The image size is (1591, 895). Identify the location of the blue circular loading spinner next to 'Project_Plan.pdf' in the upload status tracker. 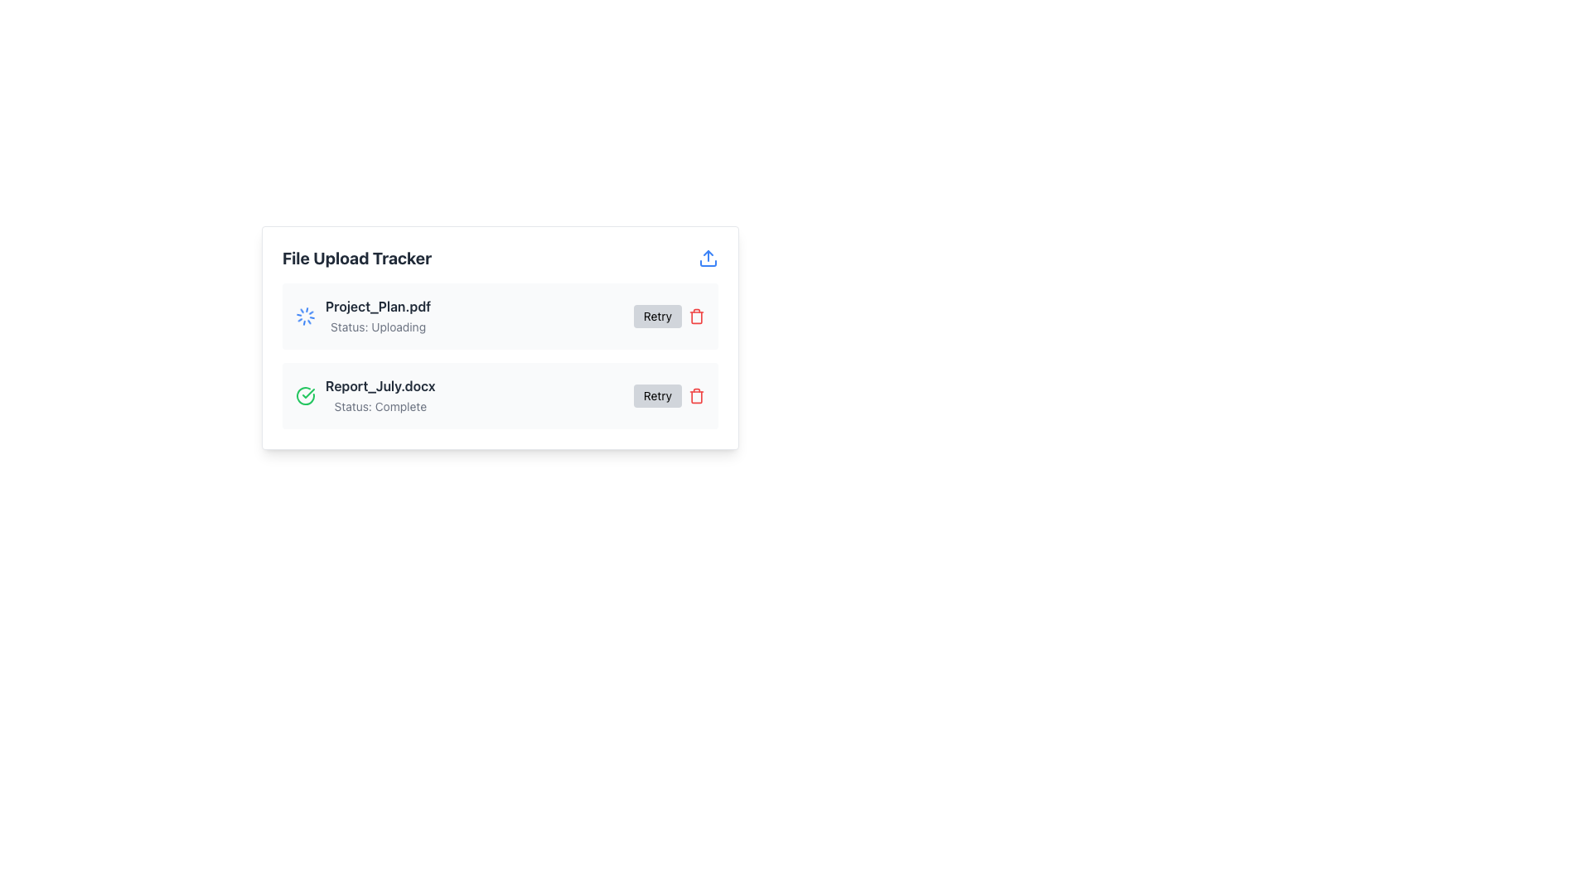
(306, 316).